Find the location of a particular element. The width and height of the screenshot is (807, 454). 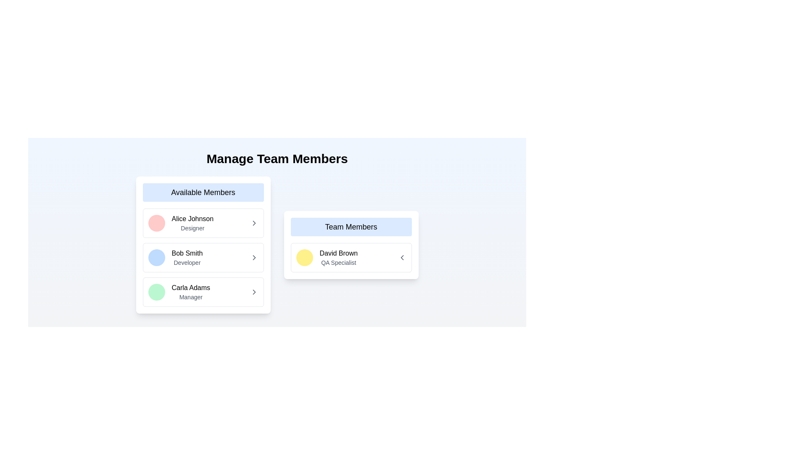

the text label with the light blue background and the centered black text that reads 'Team Members', located above the 'David Brown QA Specialist' information block is located at coordinates (351, 227).